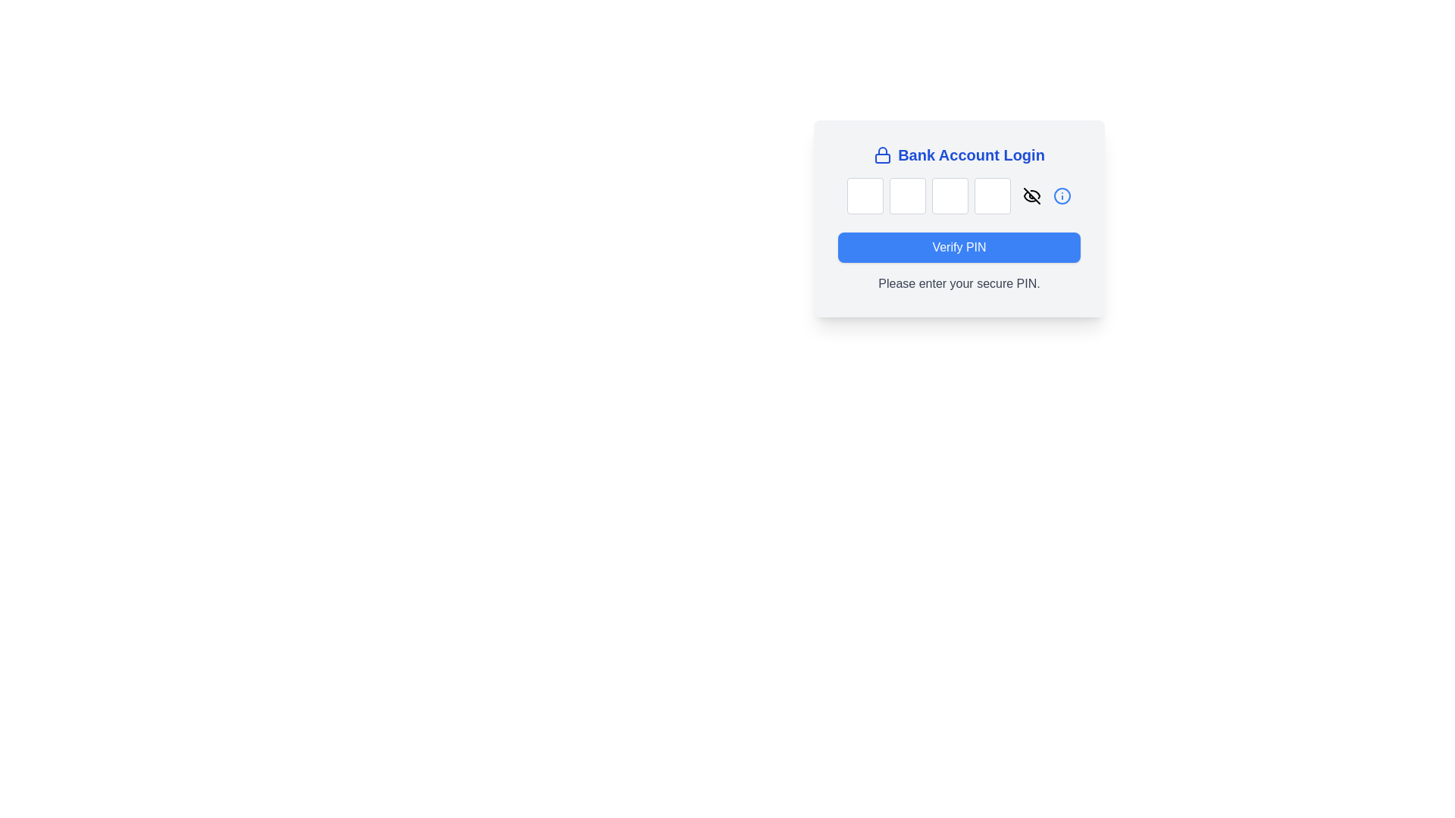 This screenshot has width=1455, height=818. What do you see at coordinates (883, 155) in the screenshot?
I see `the Decorative Icon representing security or access restriction, which is located to the left of the 'Bank Account Login' title` at bounding box center [883, 155].